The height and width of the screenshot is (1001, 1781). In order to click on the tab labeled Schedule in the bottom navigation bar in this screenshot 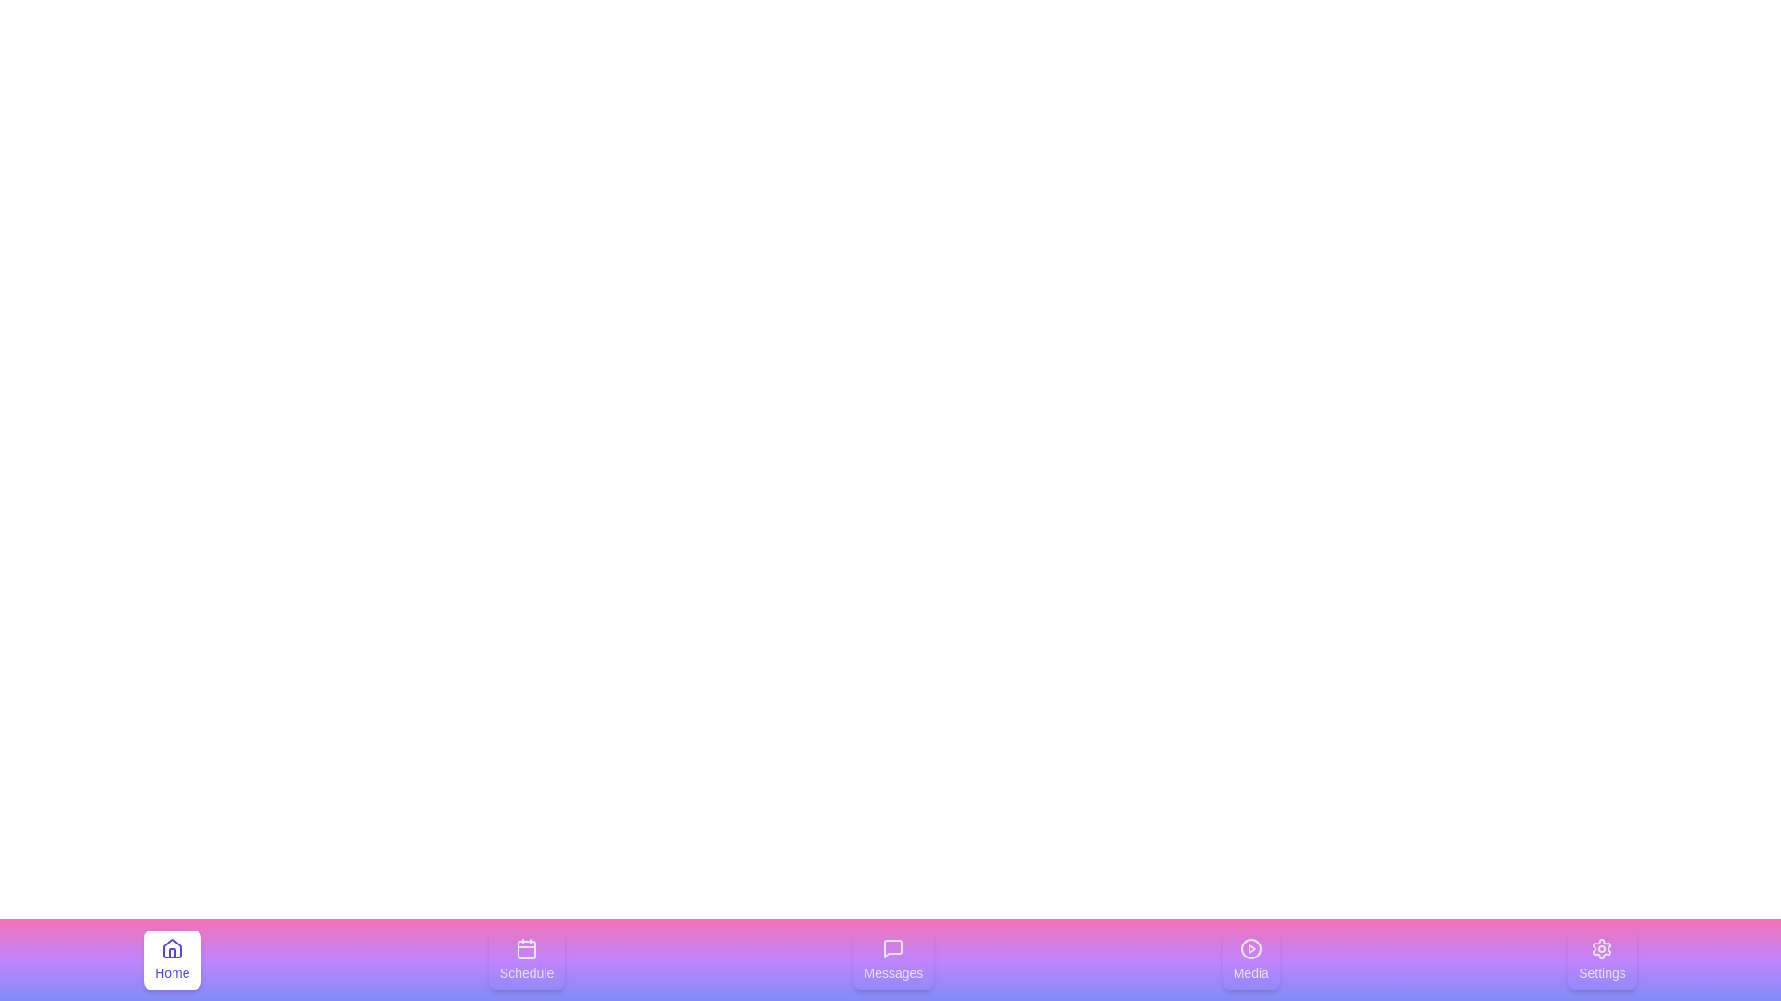, I will do `click(525, 959)`.